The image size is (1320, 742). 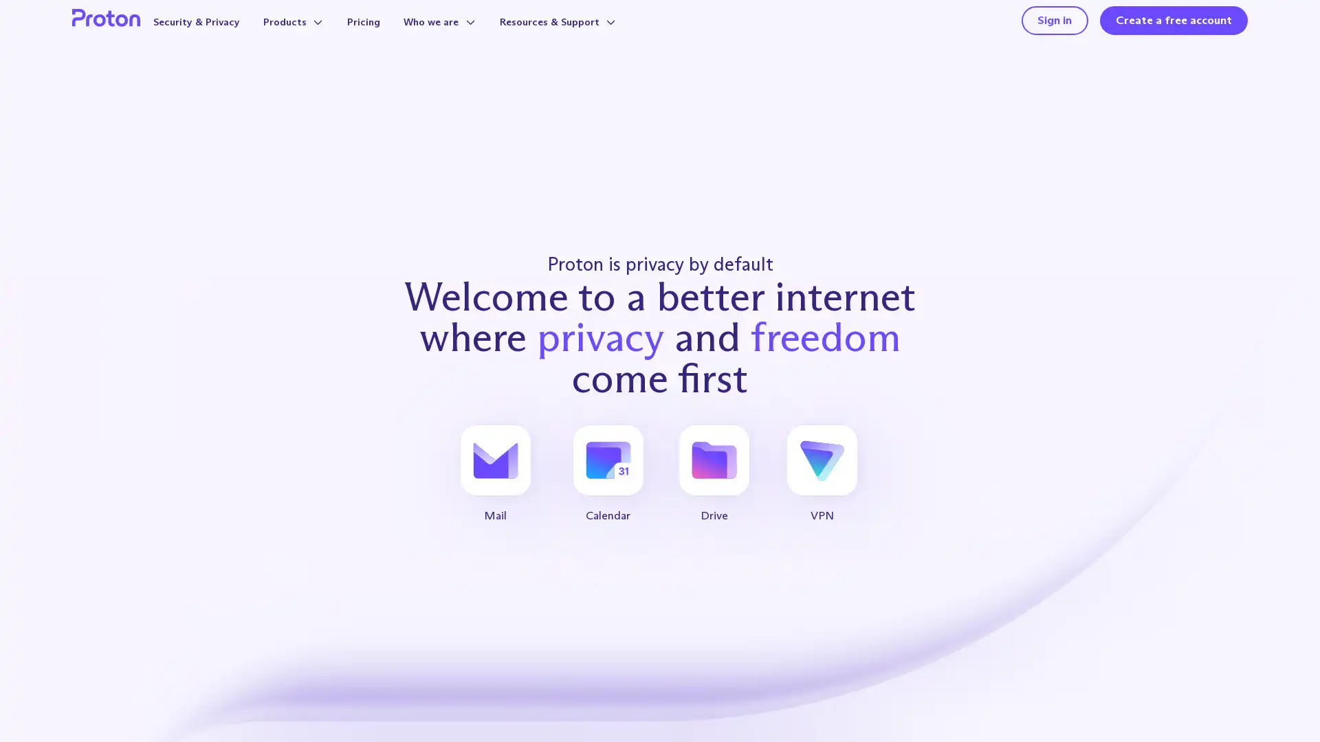 I want to click on Who we are, so click(x=467, y=35).